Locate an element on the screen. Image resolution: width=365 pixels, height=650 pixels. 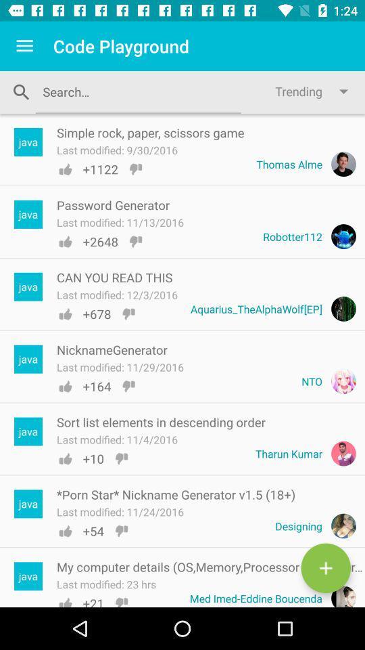
the text box which says search is located at coordinates (137, 91).